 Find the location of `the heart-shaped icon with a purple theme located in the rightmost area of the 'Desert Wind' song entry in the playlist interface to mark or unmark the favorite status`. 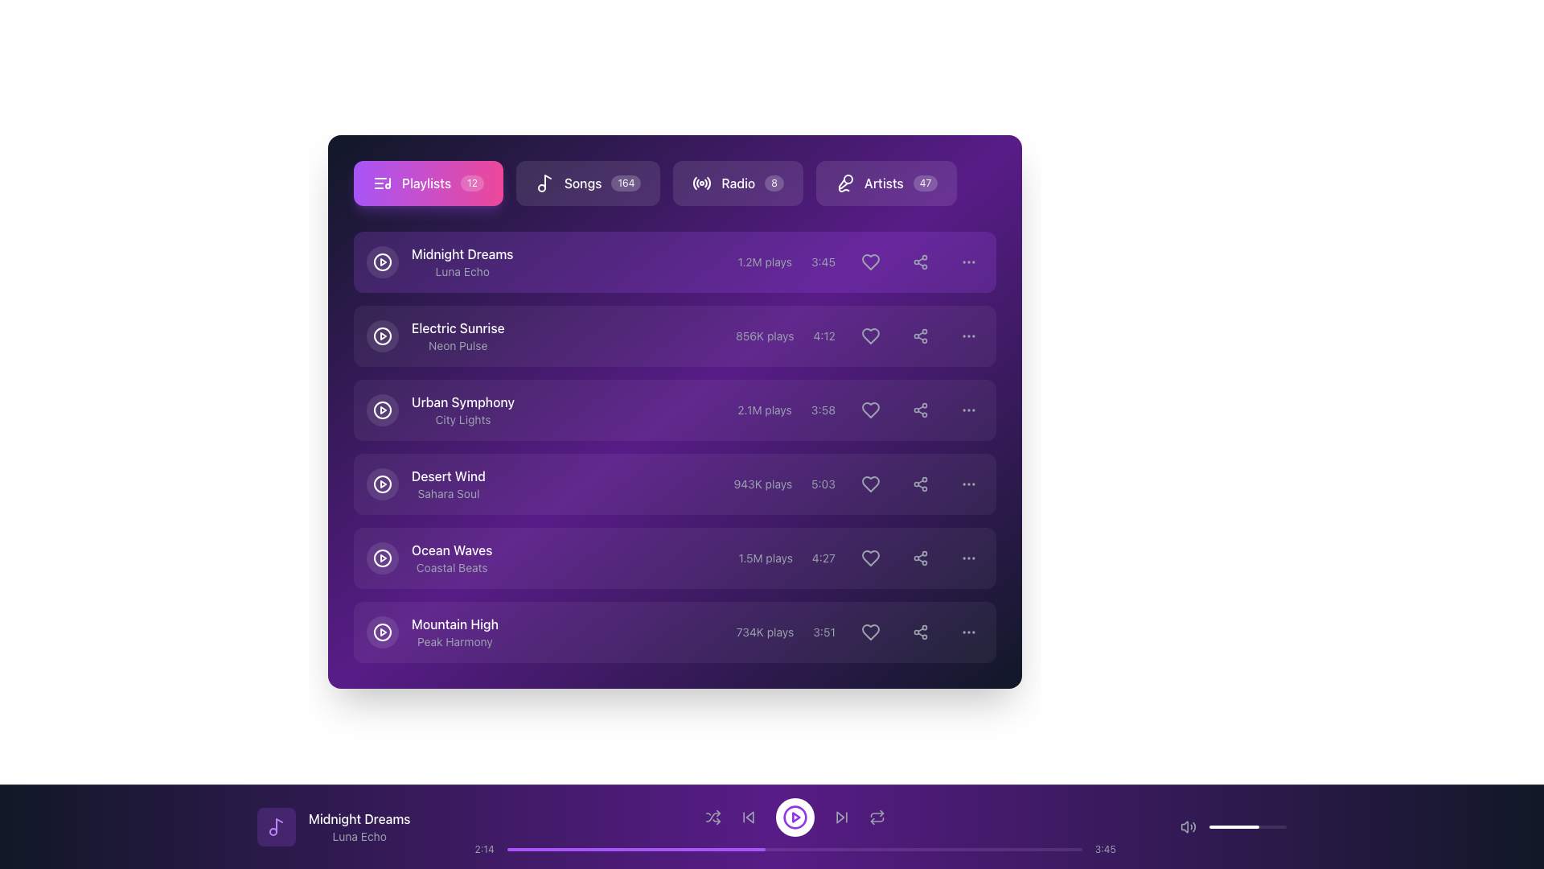

the heart-shaped icon with a purple theme located in the rightmost area of the 'Desert Wind' song entry in the playlist interface to mark or unmark the favorite status is located at coordinates (870, 483).